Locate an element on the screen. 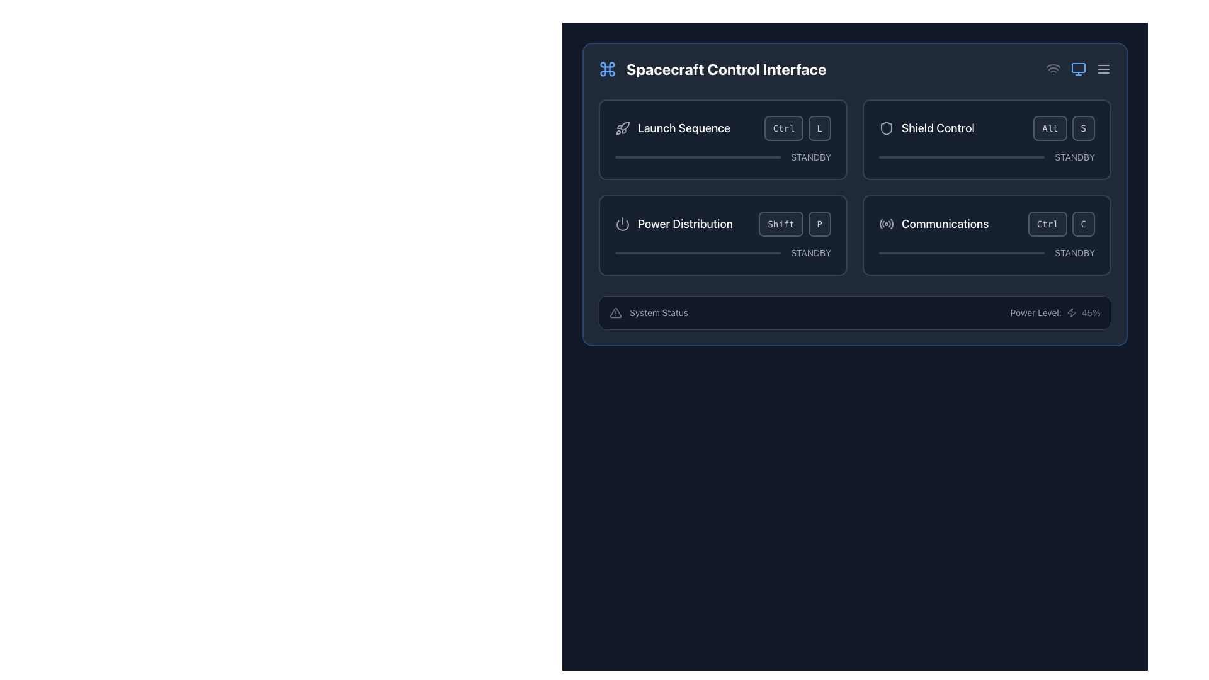  the Status Card indicating 'Communications' located in the lower-right corner of the grid layout is located at coordinates (986, 235).